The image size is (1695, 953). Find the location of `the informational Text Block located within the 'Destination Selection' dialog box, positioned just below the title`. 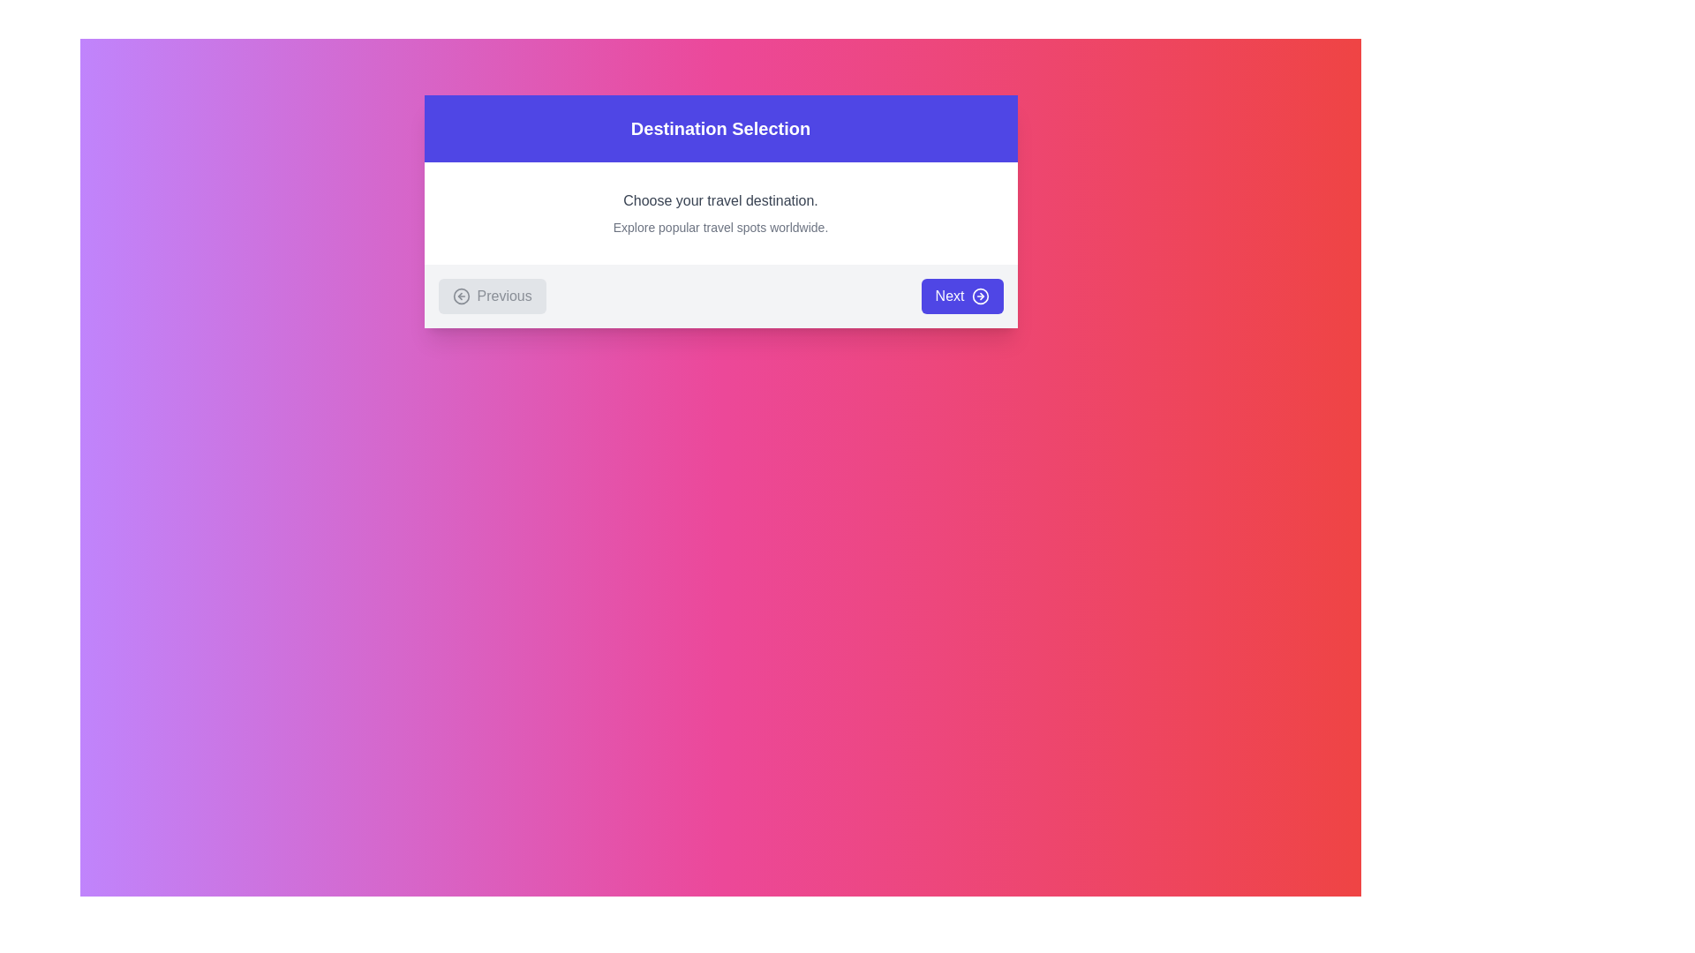

the informational Text Block located within the 'Destination Selection' dialog box, positioned just below the title is located at coordinates (720, 213).